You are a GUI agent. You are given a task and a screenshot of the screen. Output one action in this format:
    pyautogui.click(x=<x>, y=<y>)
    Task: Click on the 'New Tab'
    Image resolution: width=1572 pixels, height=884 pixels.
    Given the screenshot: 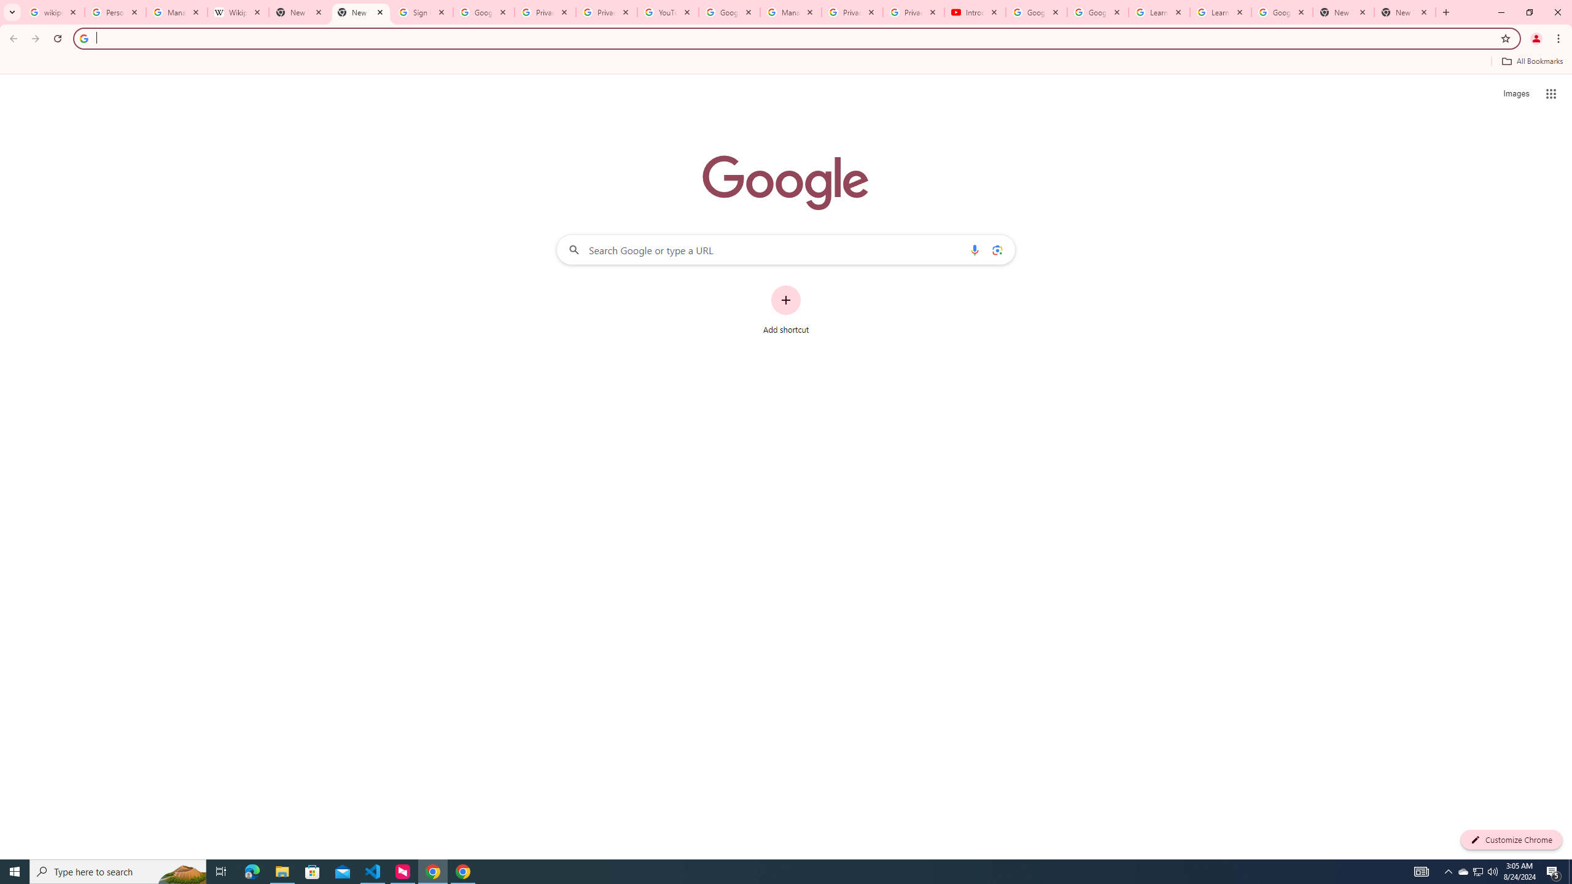 What is the action you would take?
    pyautogui.click(x=1344, y=12)
    